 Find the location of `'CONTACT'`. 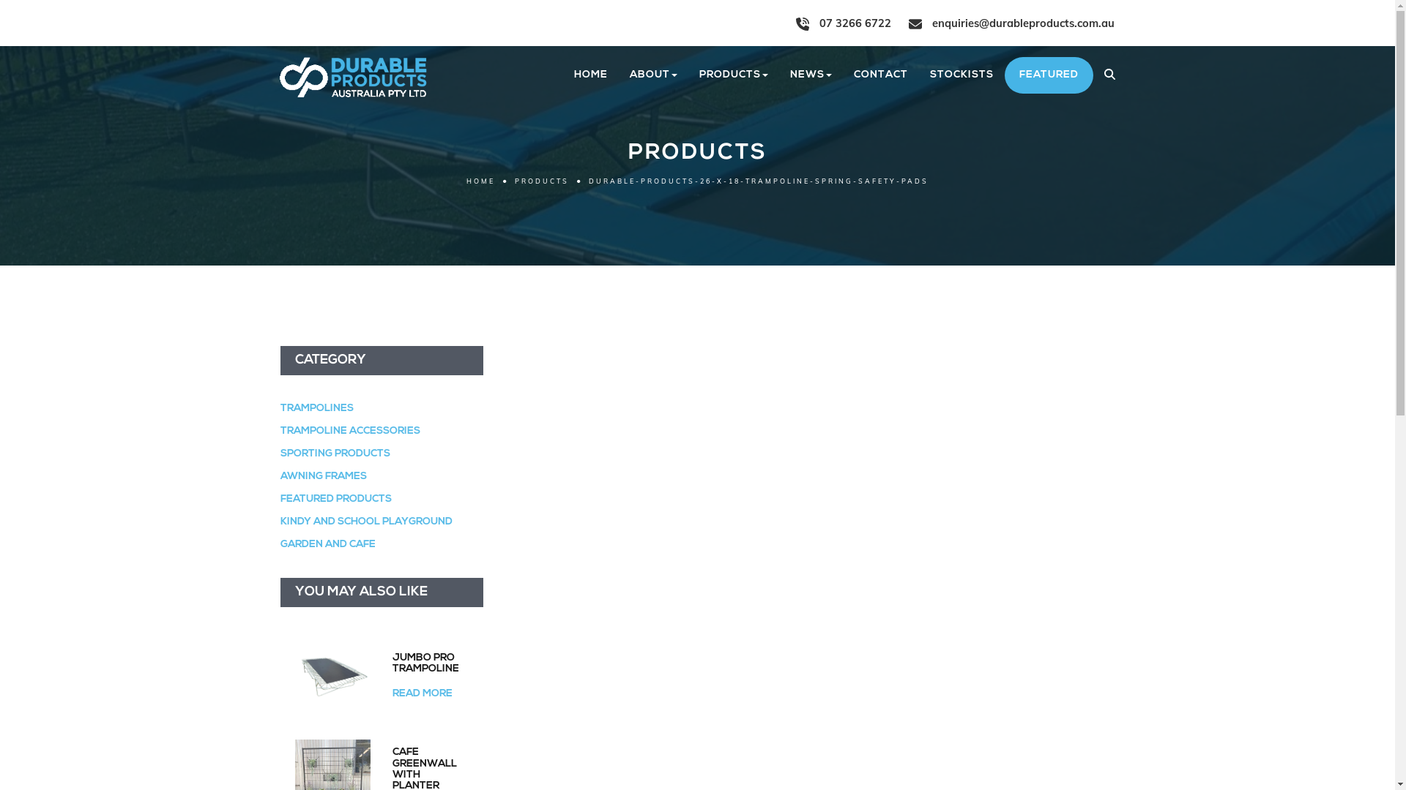

'CONTACT' is located at coordinates (879, 75).